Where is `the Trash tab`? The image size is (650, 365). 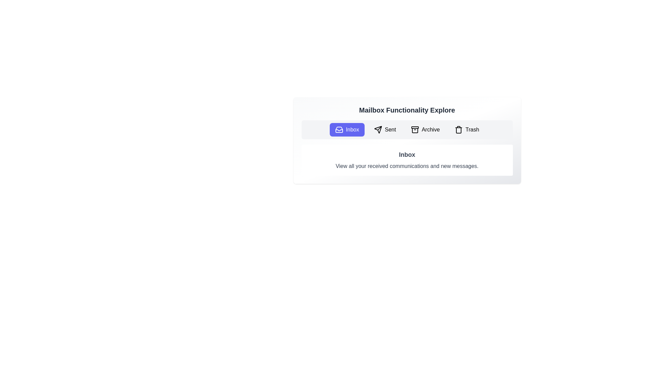
the Trash tab is located at coordinates (466, 130).